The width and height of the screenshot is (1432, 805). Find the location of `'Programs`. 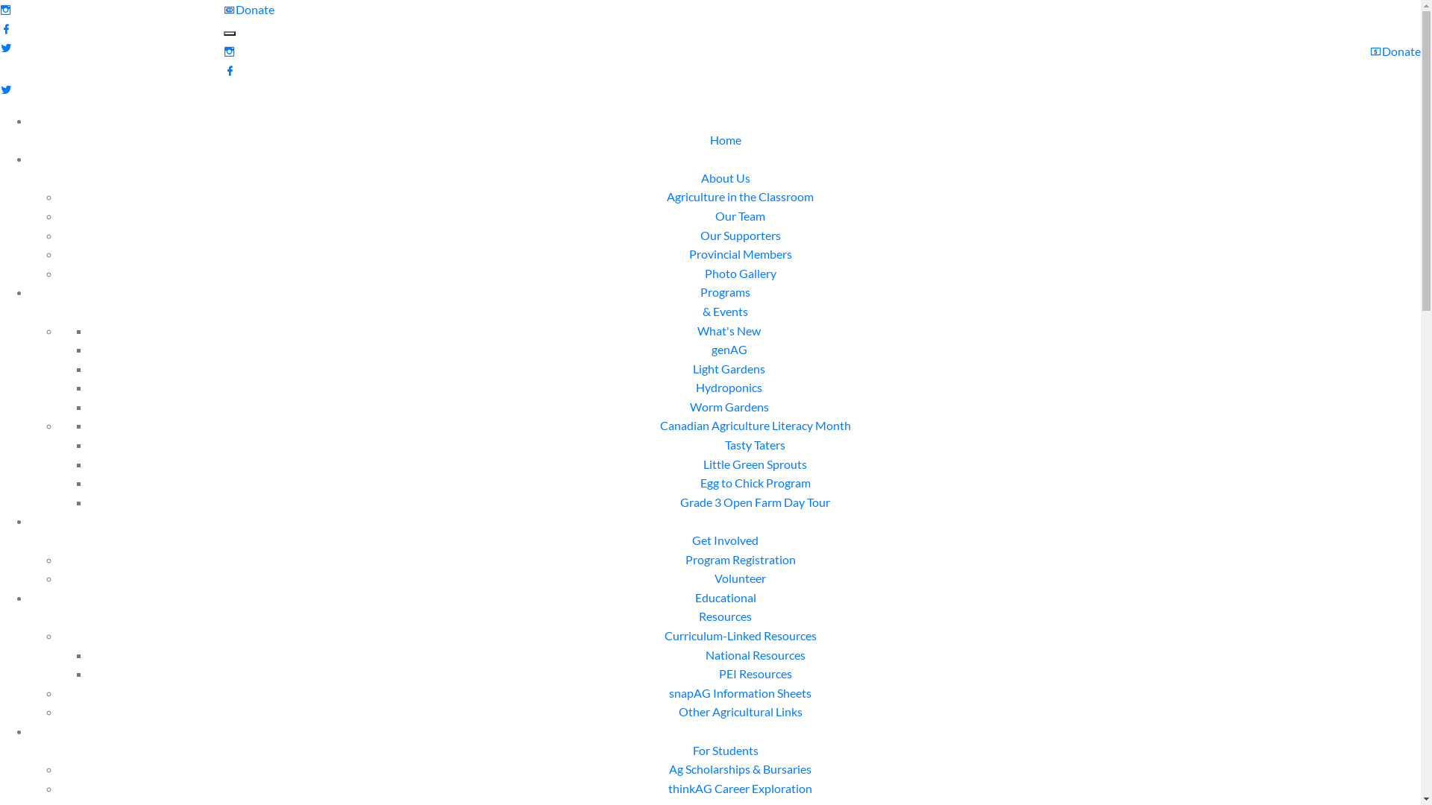

'Programs is located at coordinates (725, 301).